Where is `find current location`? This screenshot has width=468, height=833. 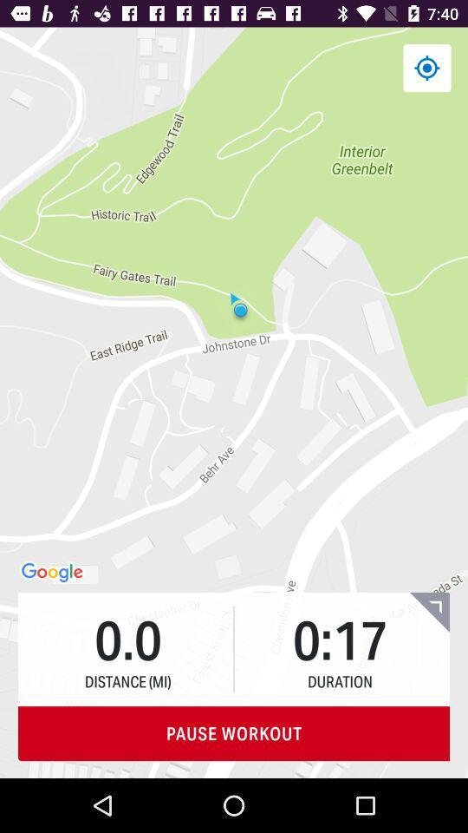
find current location is located at coordinates (426, 68).